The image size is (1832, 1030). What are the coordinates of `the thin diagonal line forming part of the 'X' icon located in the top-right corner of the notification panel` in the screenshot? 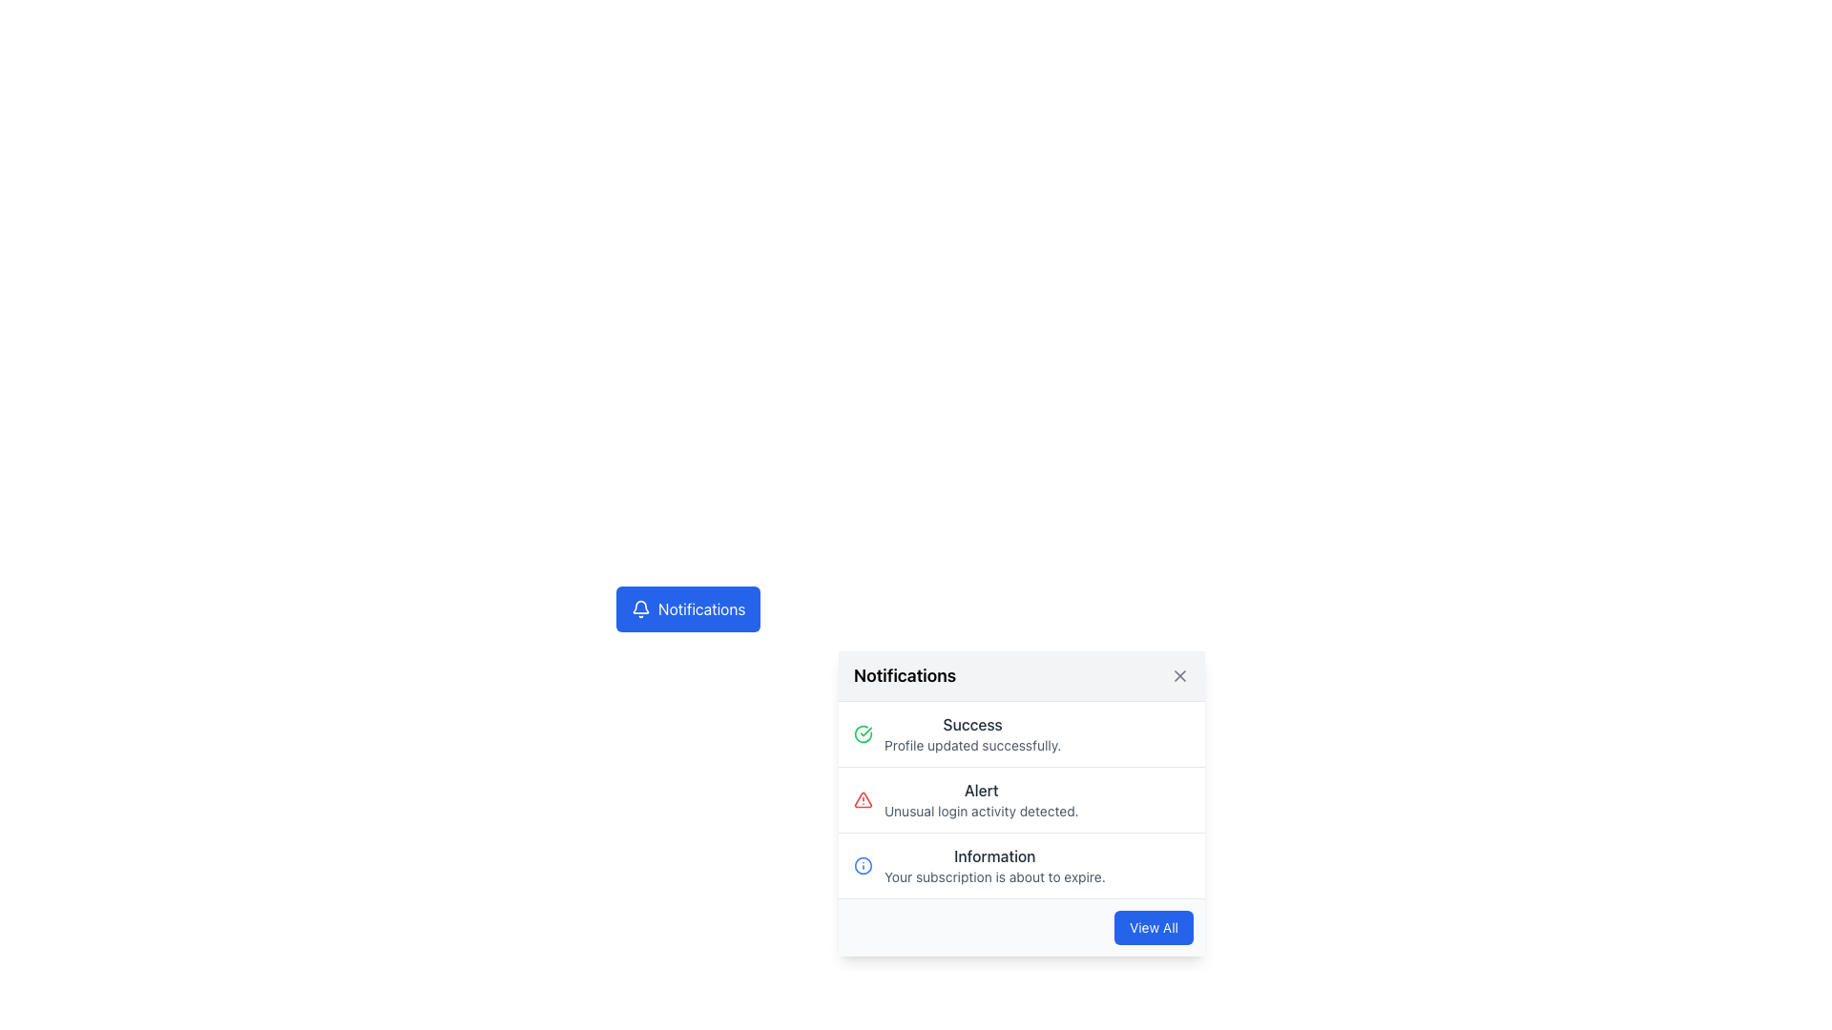 It's located at (1179, 675).